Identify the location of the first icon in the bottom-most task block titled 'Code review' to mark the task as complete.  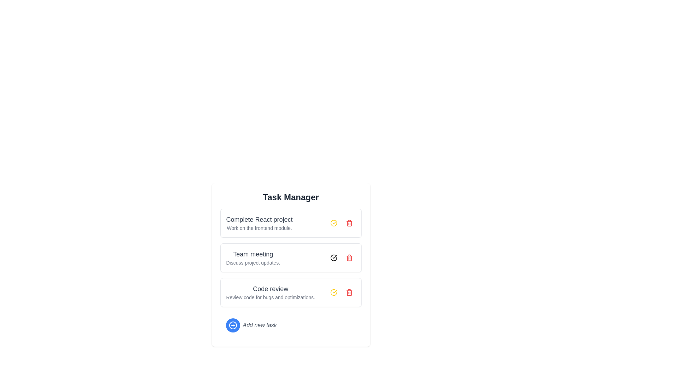
(333, 292).